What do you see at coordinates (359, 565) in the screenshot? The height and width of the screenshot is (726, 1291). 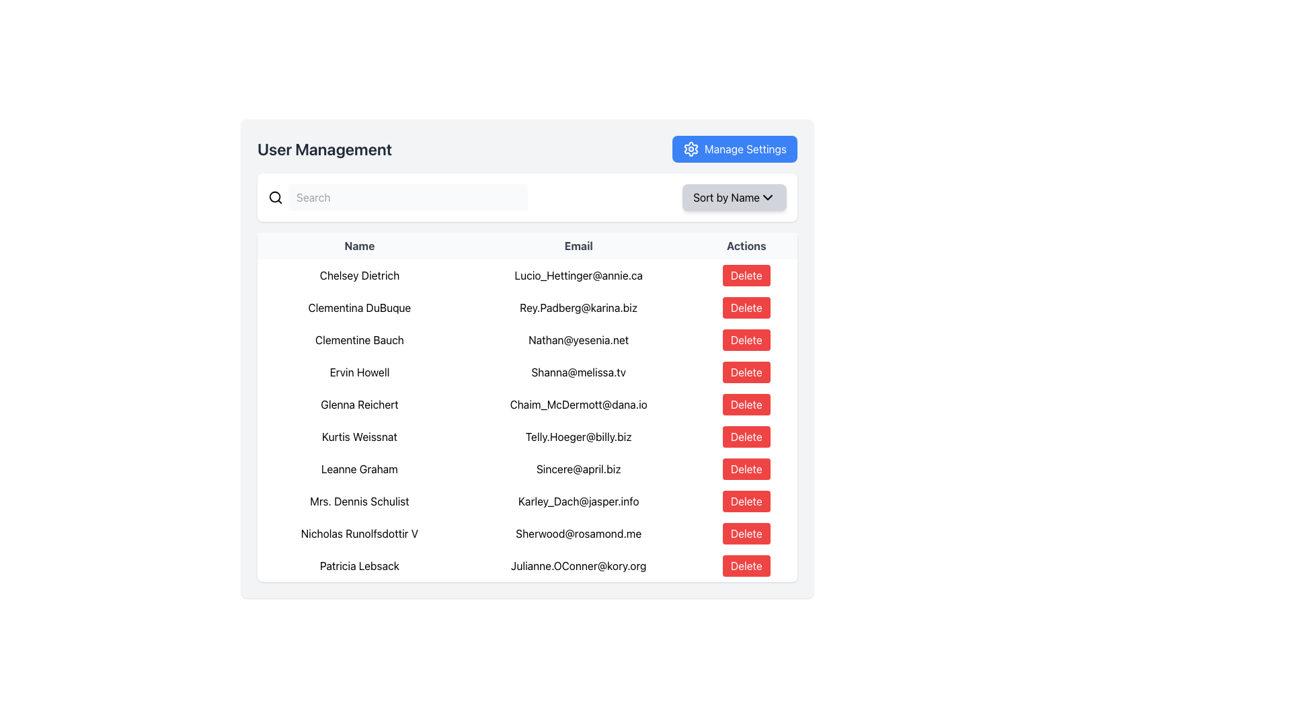 I see `text content of the label displaying the name 'Patricia Lebsack' in the user management interface` at bounding box center [359, 565].